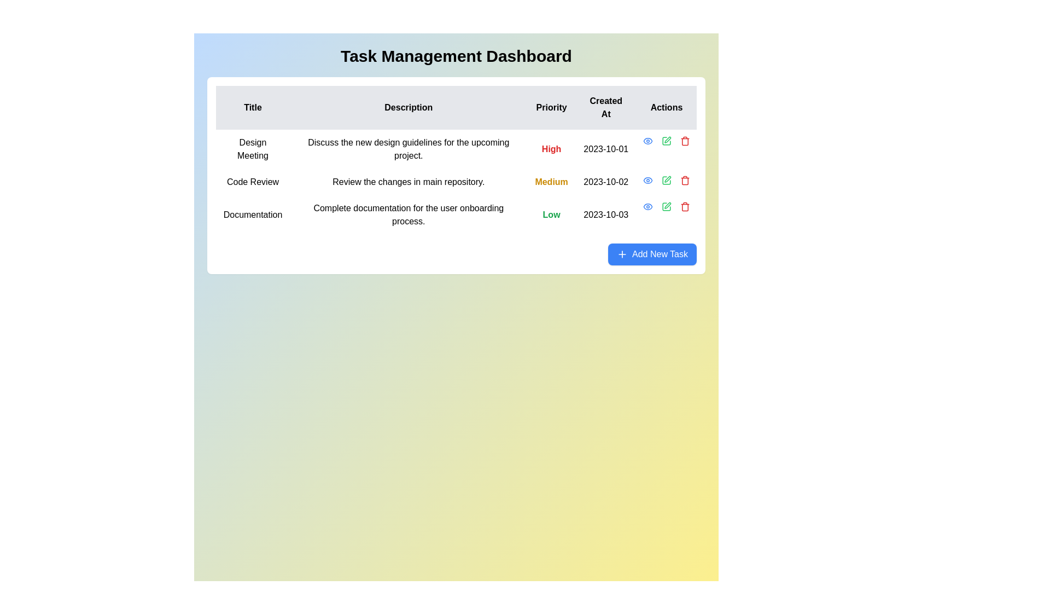 The width and height of the screenshot is (1050, 591). What do you see at coordinates (408, 181) in the screenshot?
I see `the text element displaying 'Review the changes in main repository.' located in the second row of the table under the 'Description' column` at bounding box center [408, 181].